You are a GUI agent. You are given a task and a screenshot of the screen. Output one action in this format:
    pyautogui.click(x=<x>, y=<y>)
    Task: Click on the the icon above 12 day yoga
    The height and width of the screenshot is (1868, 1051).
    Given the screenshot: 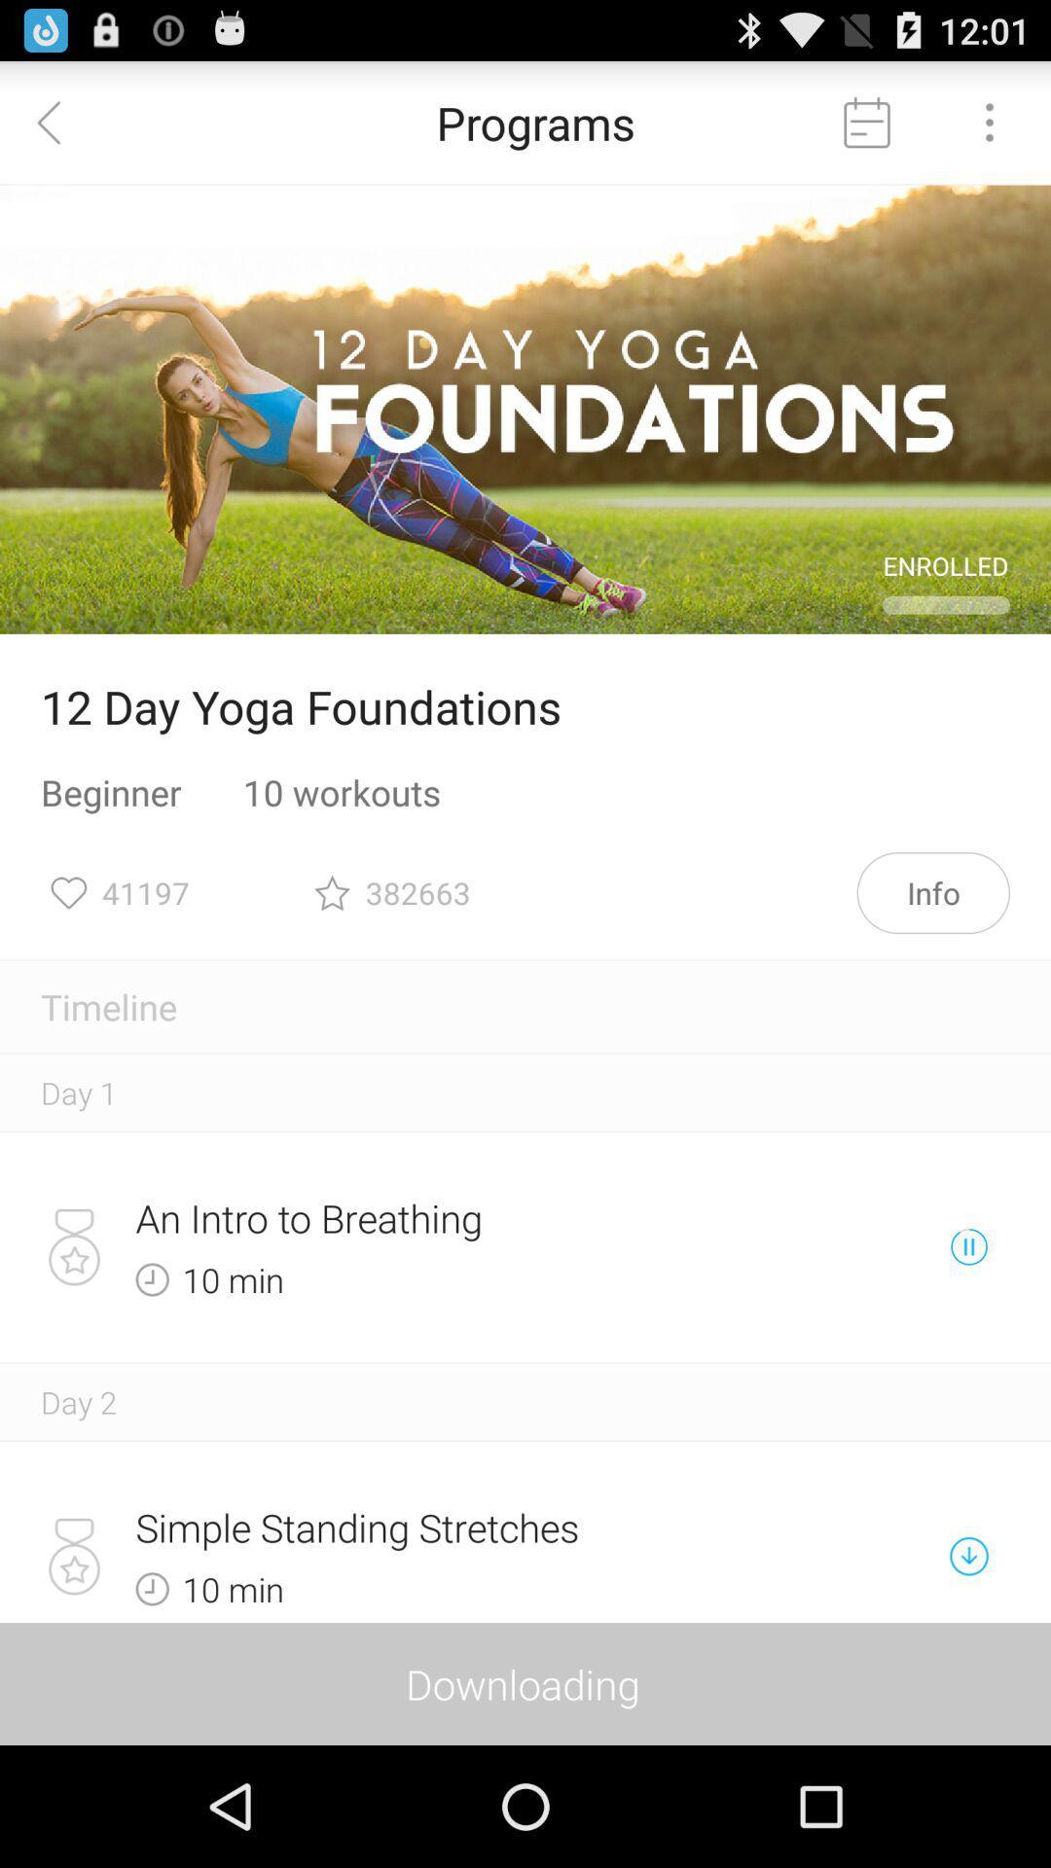 What is the action you would take?
    pyautogui.click(x=525, y=409)
    